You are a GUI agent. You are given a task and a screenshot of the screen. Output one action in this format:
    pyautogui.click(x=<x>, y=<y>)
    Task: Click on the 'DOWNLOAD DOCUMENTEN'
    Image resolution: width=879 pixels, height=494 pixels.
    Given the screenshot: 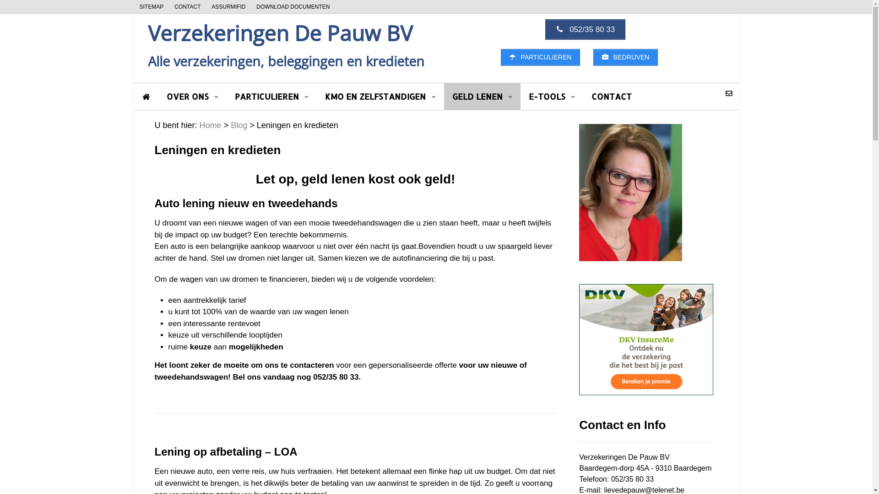 What is the action you would take?
    pyautogui.click(x=250, y=7)
    